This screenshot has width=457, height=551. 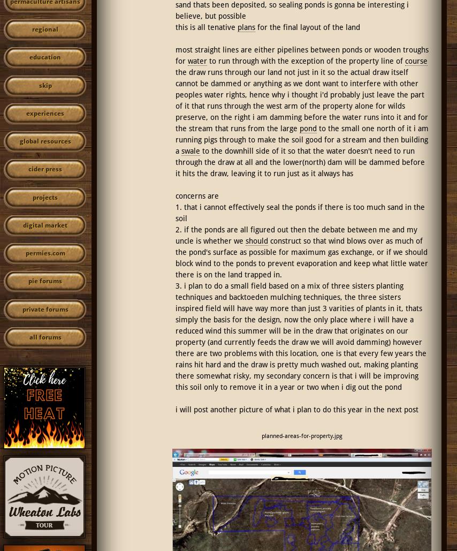 What do you see at coordinates (256, 240) in the screenshot?
I see `'should'` at bounding box center [256, 240].